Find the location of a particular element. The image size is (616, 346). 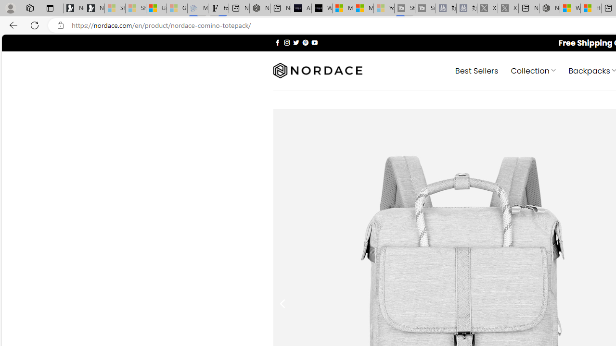

'Follow on Facebook' is located at coordinates (277, 42).